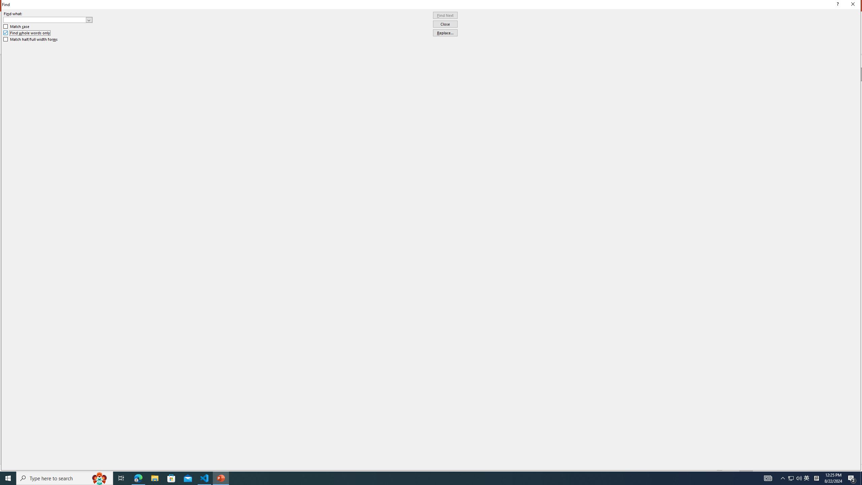  I want to click on 'Find Next', so click(445, 15).